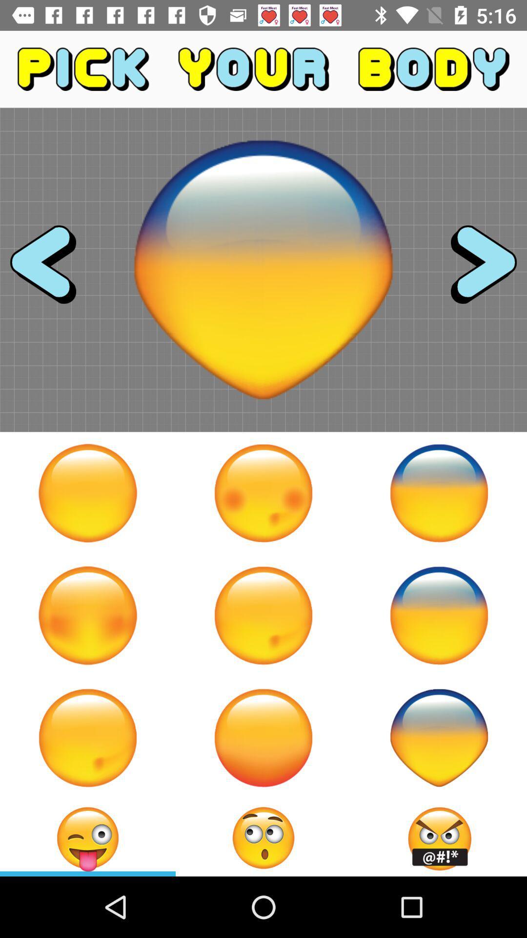 This screenshot has height=938, width=527. Describe the element at coordinates (263, 837) in the screenshot. I see `creates an emoji` at that location.